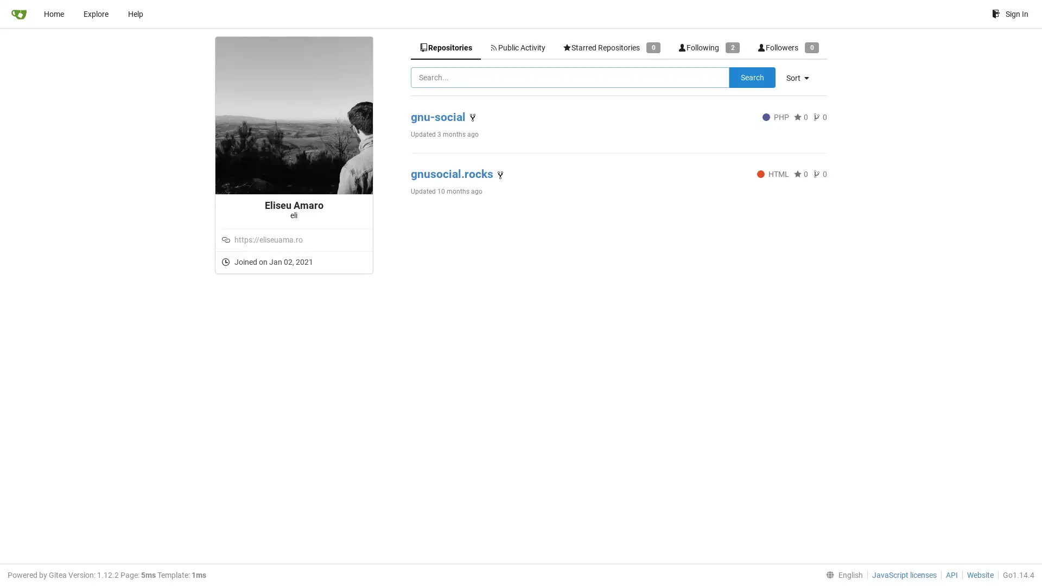  I want to click on Search, so click(751, 77).